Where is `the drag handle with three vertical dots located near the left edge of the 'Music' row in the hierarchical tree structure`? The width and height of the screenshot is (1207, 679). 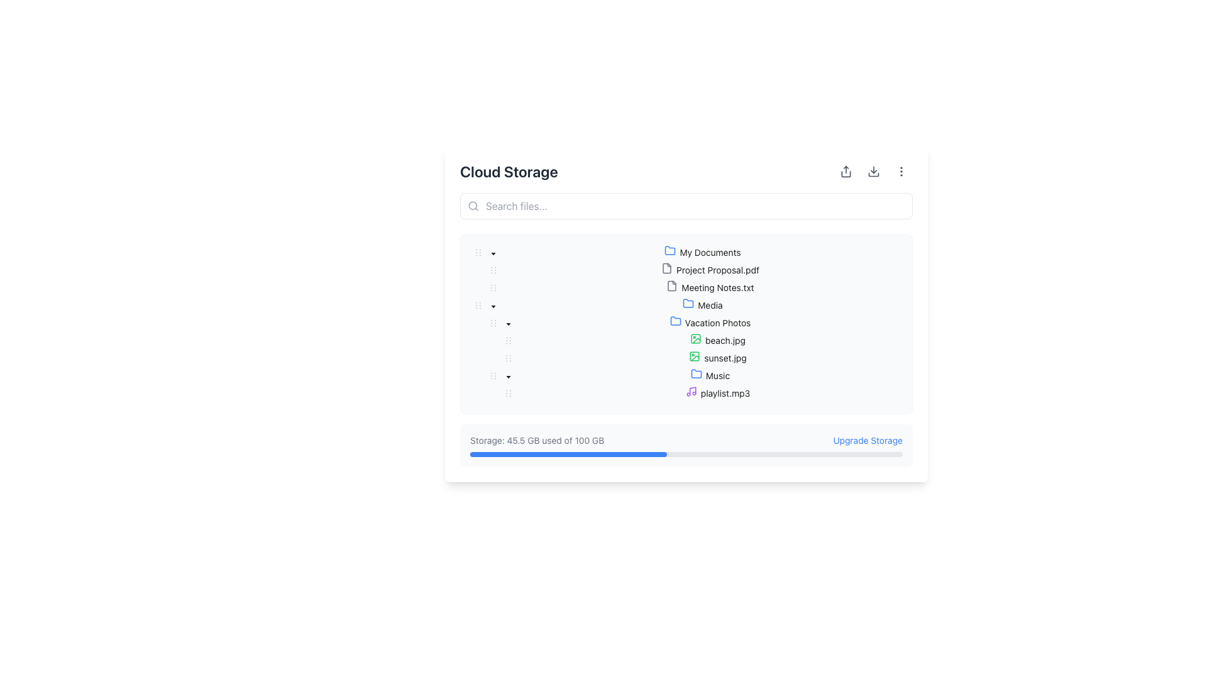 the drag handle with three vertical dots located near the left edge of the 'Music' row in the hierarchical tree structure is located at coordinates (493, 375).